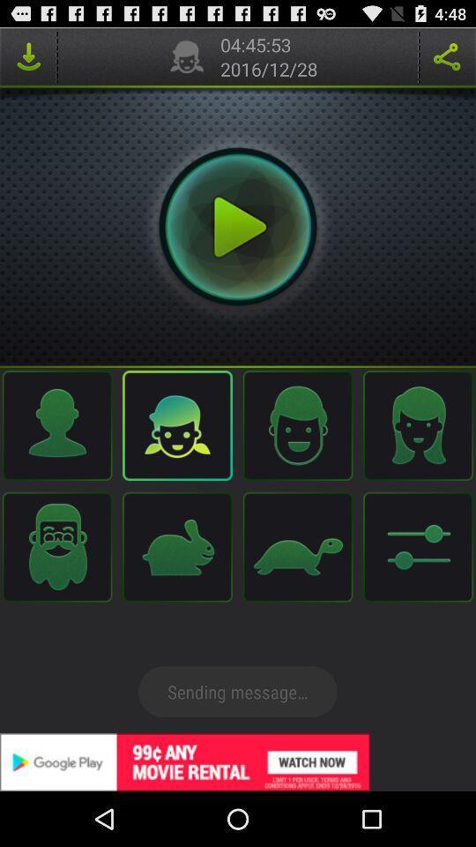 Image resolution: width=476 pixels, height=847 pixels. Describe the element at coordinates (447, 60) in the screenshot. I see `the share icon` at that location.